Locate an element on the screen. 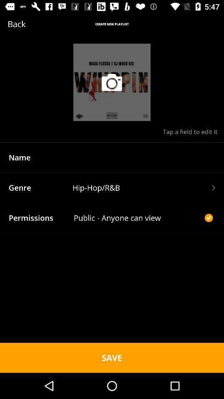 This screenshot has width=224, height=399. the save item is located at coordinates (112, 357).